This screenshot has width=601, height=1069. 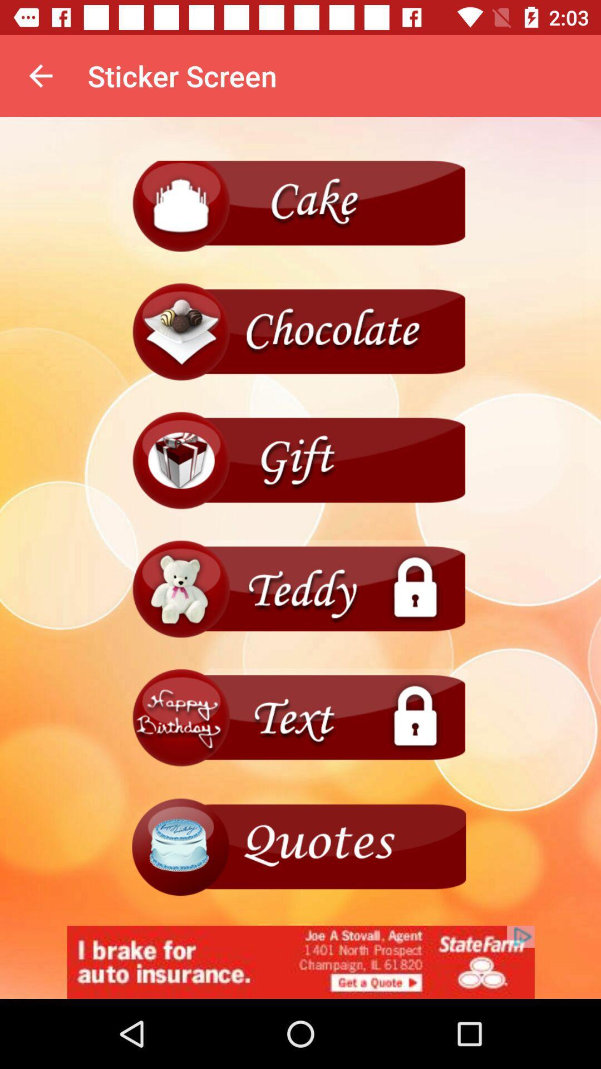 I want to click on advertisement page, so click(x=300, y=962).